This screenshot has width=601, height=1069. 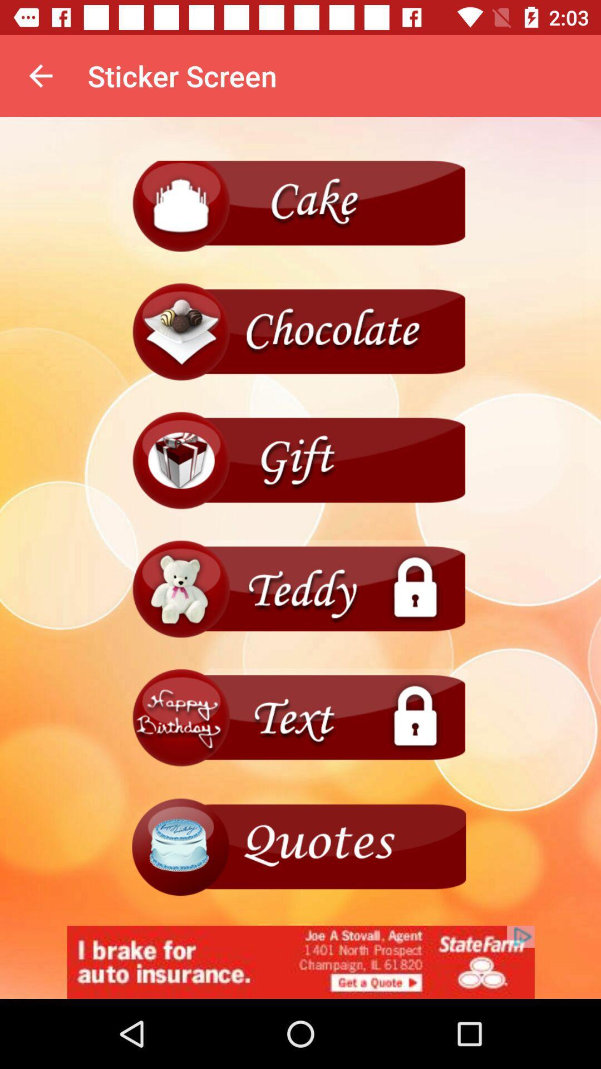 I want to click on advertisement page, so click(x=300, y=962).